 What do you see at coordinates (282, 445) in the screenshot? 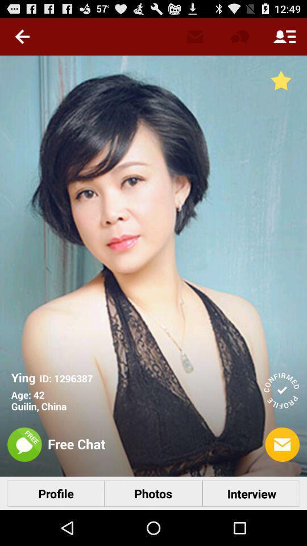
I see `the message icon` at bounding box center [282, 445].